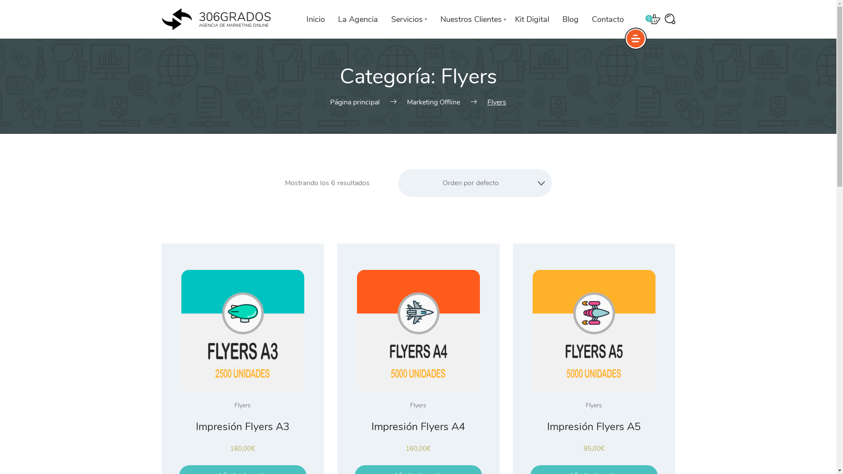 The height and width of the screenshot is (474, 843). What do you see at coordinates (433, 101) in the screenshot?
I see `'Marketing Offline'` at bounding box center [433, 101].